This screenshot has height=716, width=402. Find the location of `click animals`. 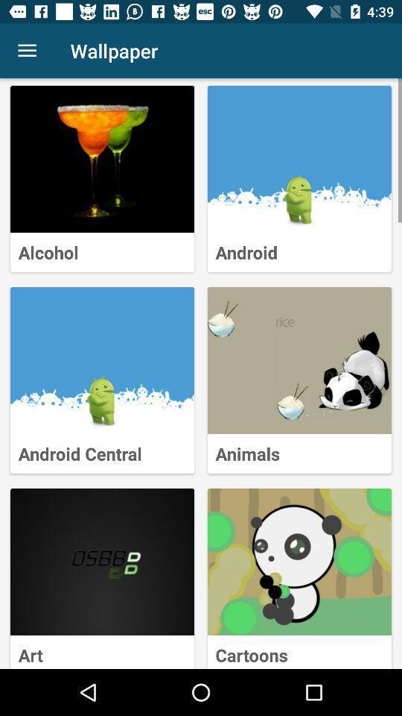

click animals is located at coordinates (299, 359).